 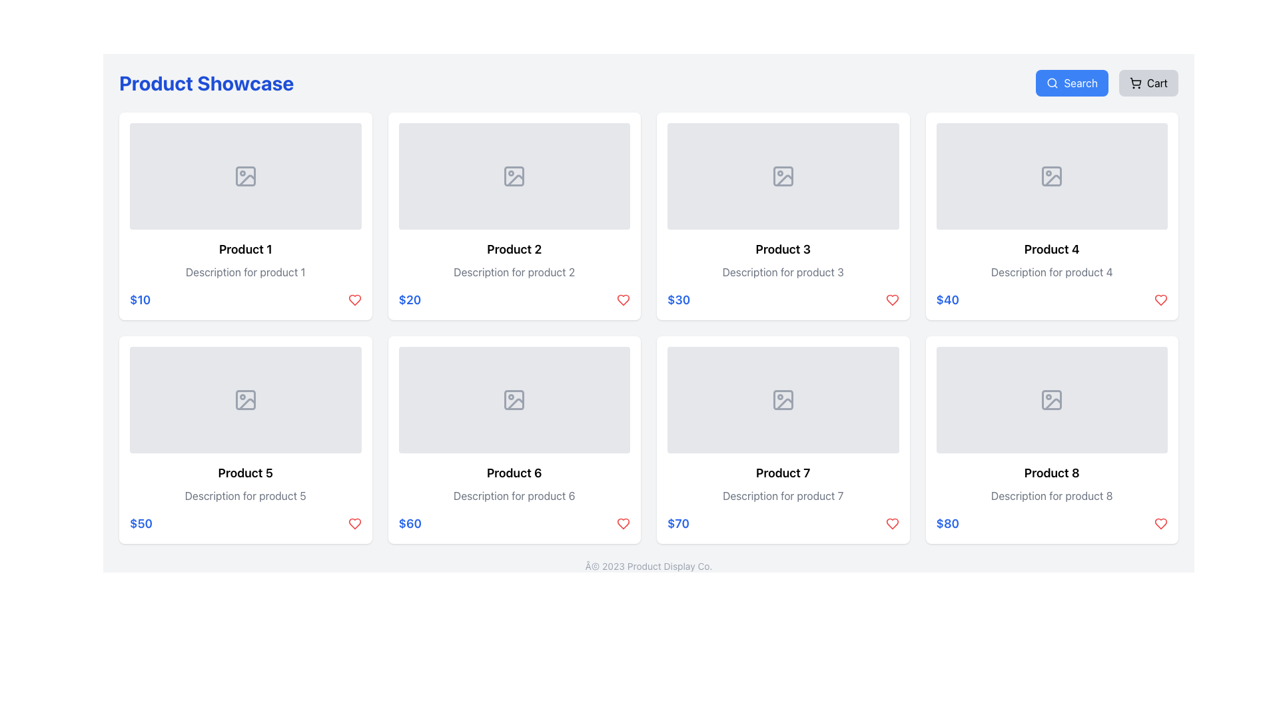 What do you see at coordinates (514, 176) in the screenshot?
I see `the image placeholder for 'Product 2' located in the top row, second column of the grid layout` at bounding box center [514, 176].